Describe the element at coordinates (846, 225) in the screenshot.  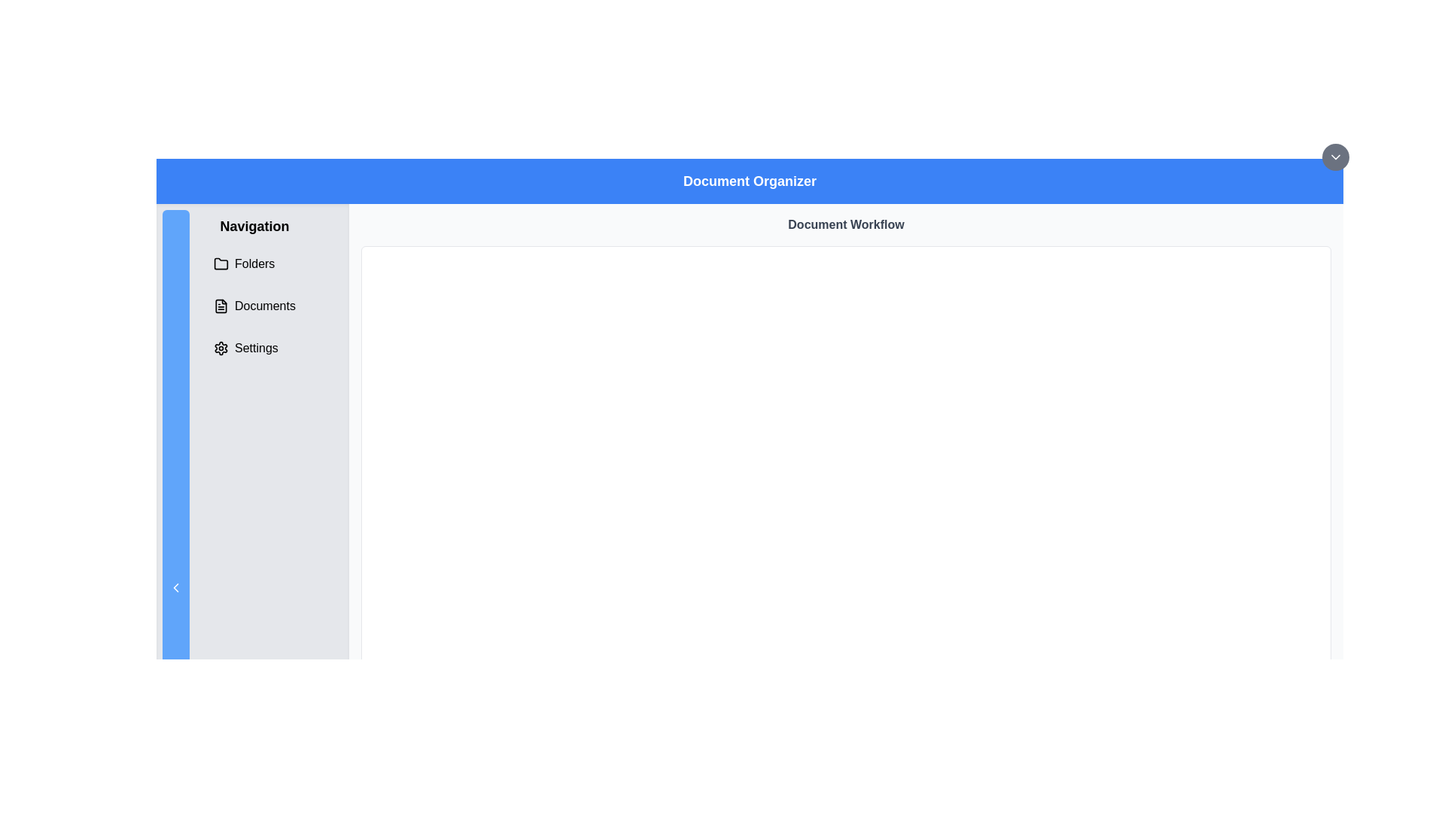
I see `the static text element displaying 'Document Workflow', which is styled in bold dark gray and located beneath the blue header 'Document Organizer'` at that location.